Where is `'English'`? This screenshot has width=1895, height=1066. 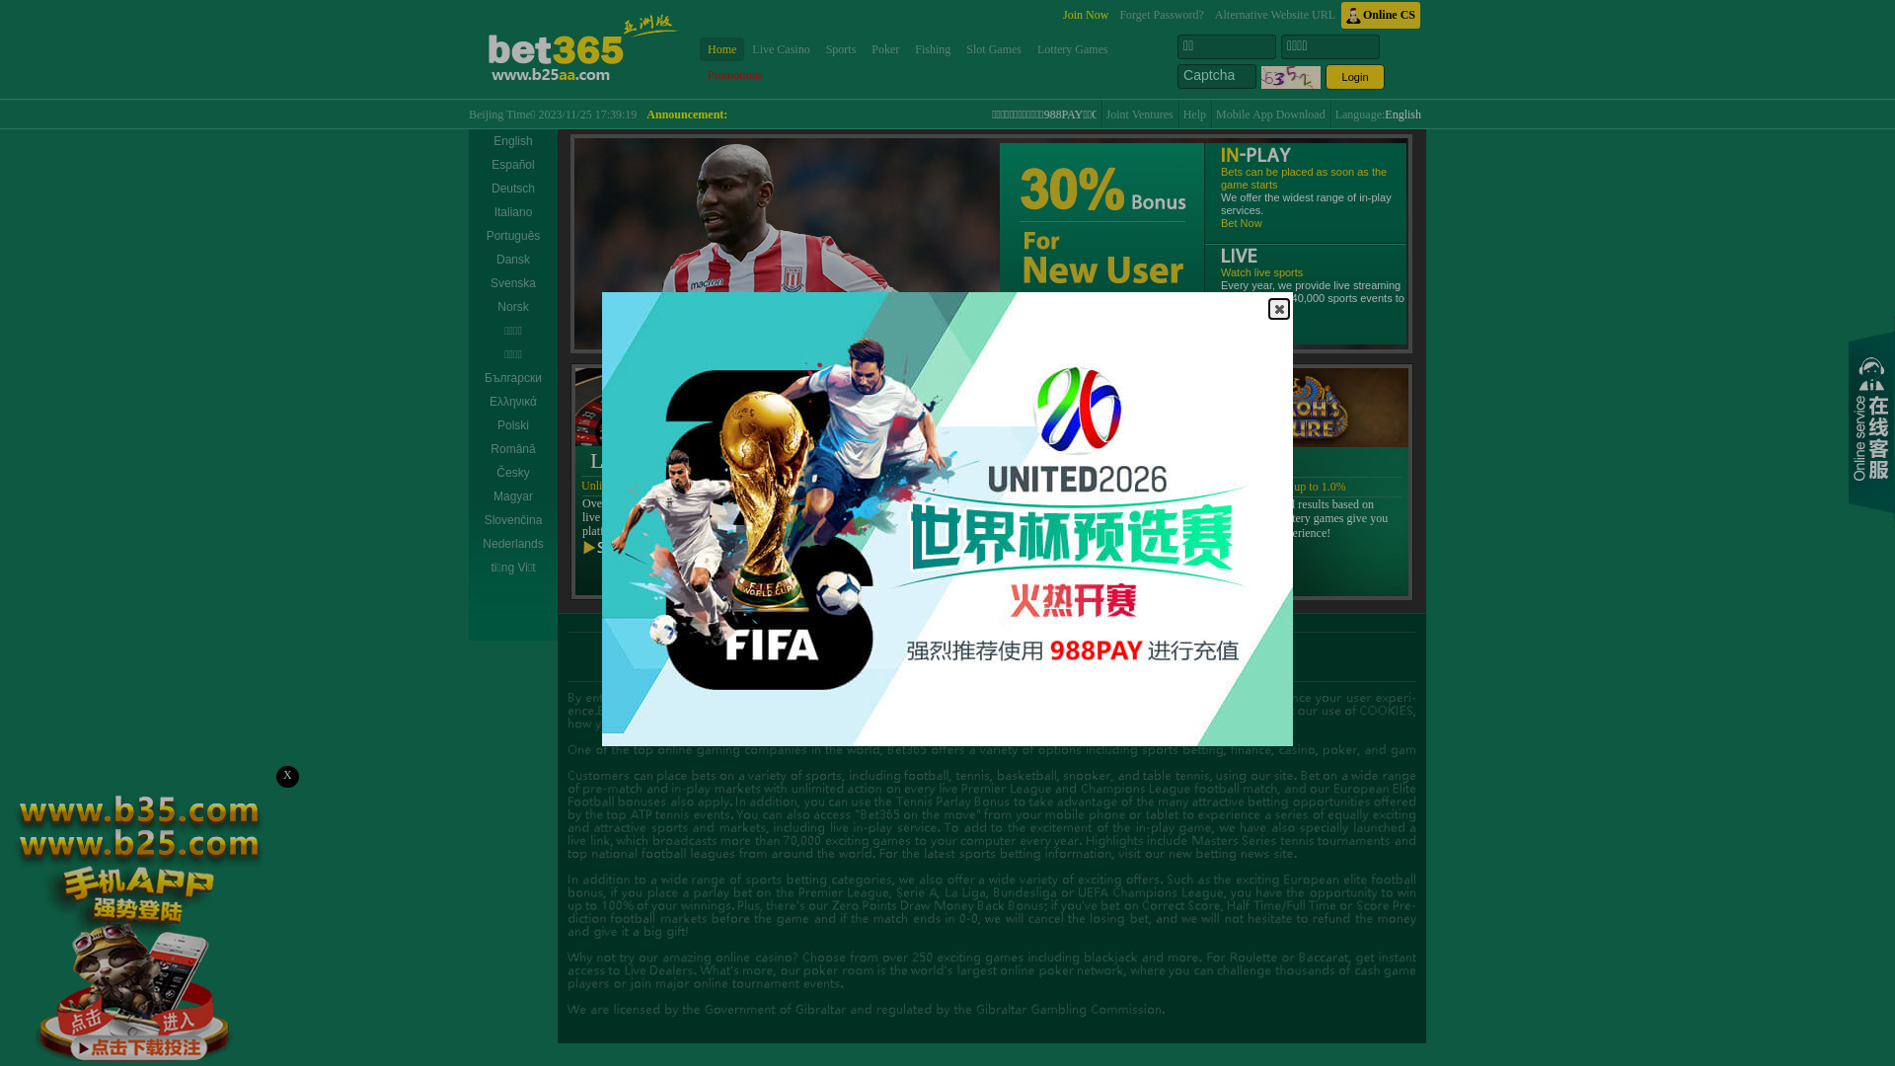
'English' is located at coordinates (512, 139).